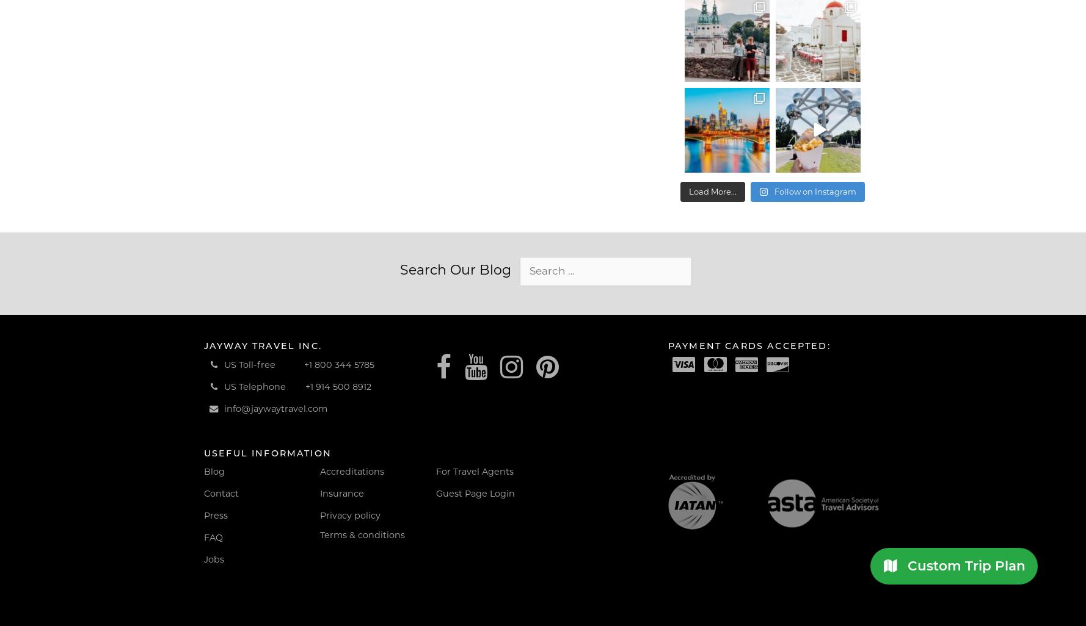  I want to click on 'Contact', so click(203, 493).